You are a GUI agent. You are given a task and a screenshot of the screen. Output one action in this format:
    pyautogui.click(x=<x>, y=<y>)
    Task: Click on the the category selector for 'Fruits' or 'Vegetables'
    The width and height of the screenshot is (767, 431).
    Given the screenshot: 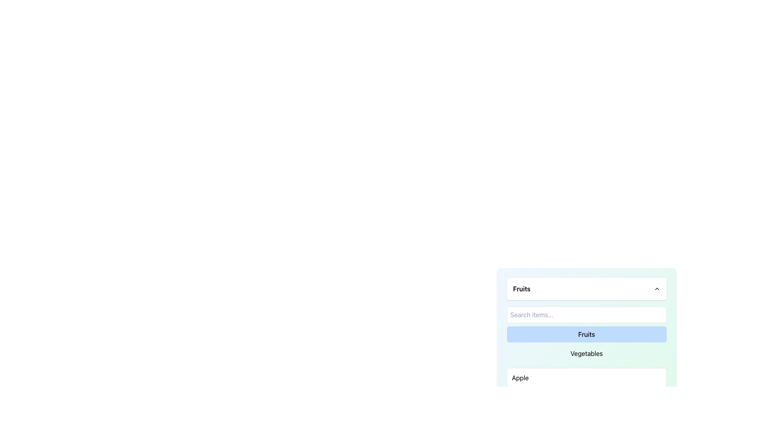 What is the action you would take?
    pyautogui.click(x=586, y=343)
    